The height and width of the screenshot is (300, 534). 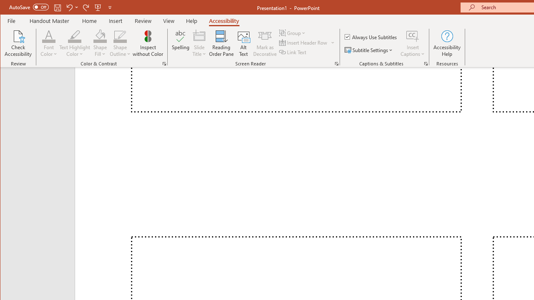 What do you see at coordinates (100, 43) in the screenshot?
I see `'Shape Fill'` at bounding box center [100, 43].